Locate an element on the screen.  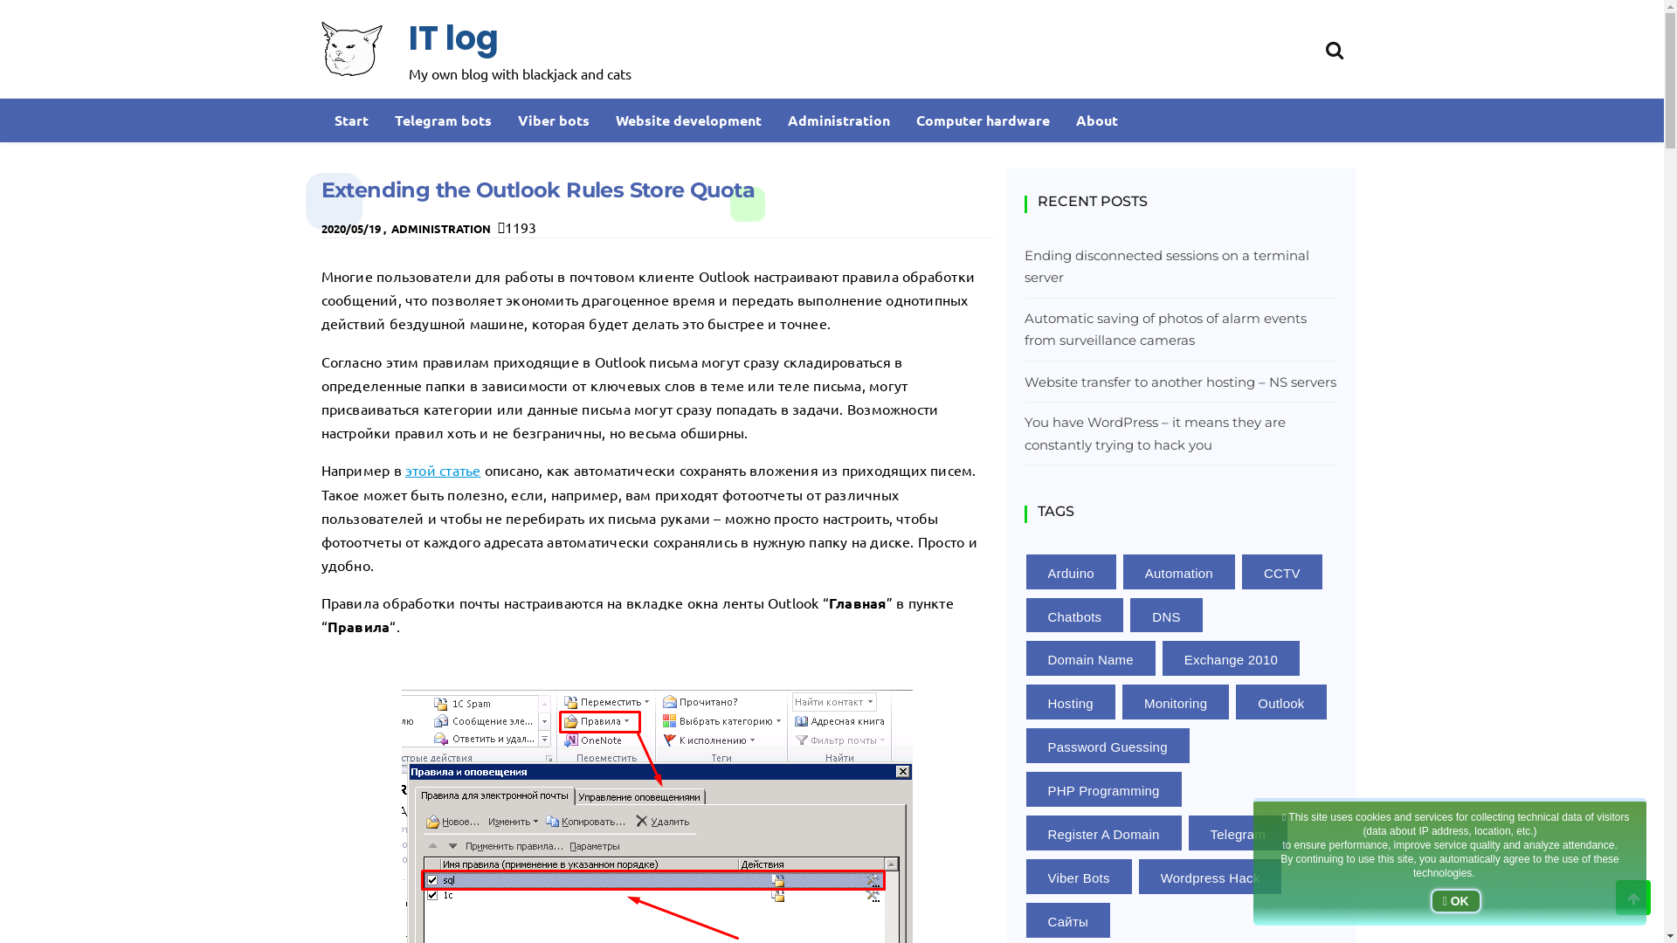
'Telegram' is located at coordinates (1237, 831).